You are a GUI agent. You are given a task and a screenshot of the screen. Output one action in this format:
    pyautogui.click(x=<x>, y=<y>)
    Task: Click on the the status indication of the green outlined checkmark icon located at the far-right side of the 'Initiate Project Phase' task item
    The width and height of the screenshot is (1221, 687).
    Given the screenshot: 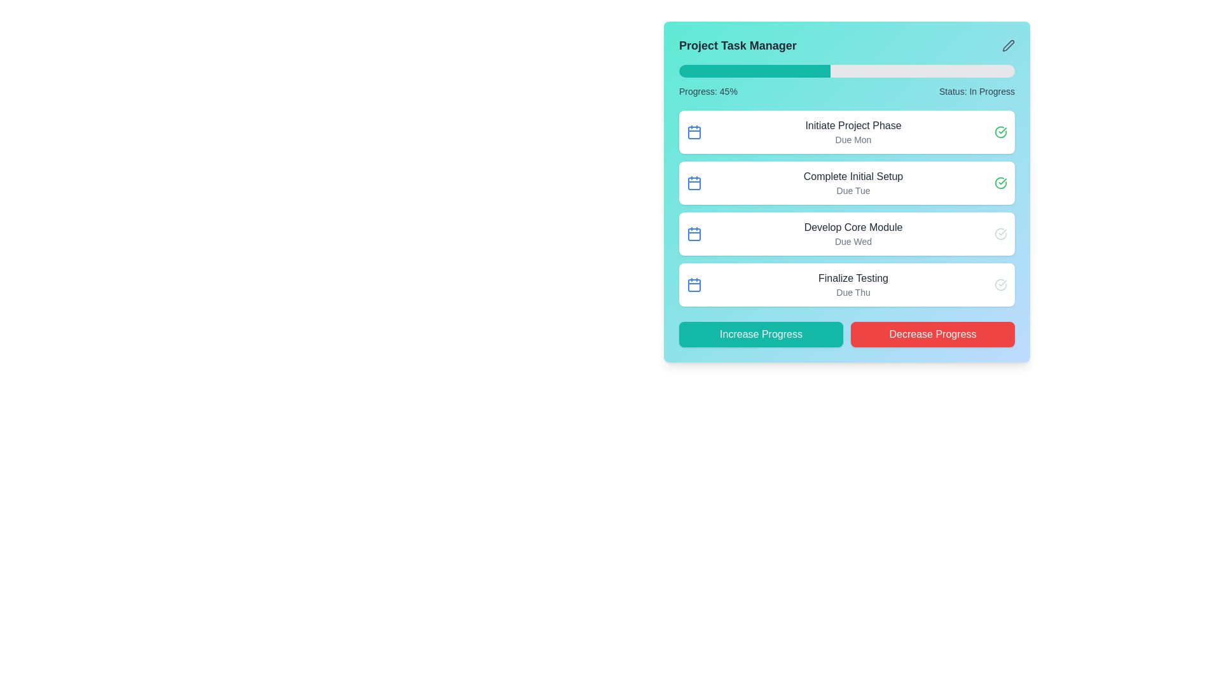 What is the action you would take?
    pyautogui.click(x=1000, y=132)
    